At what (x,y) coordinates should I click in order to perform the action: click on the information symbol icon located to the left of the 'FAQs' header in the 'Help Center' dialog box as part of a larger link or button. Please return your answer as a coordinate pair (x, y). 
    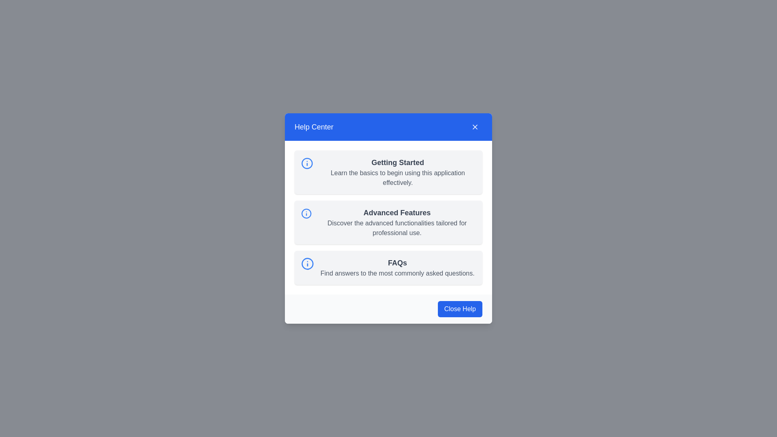
    Looking at the image, I should click on (307, 263).